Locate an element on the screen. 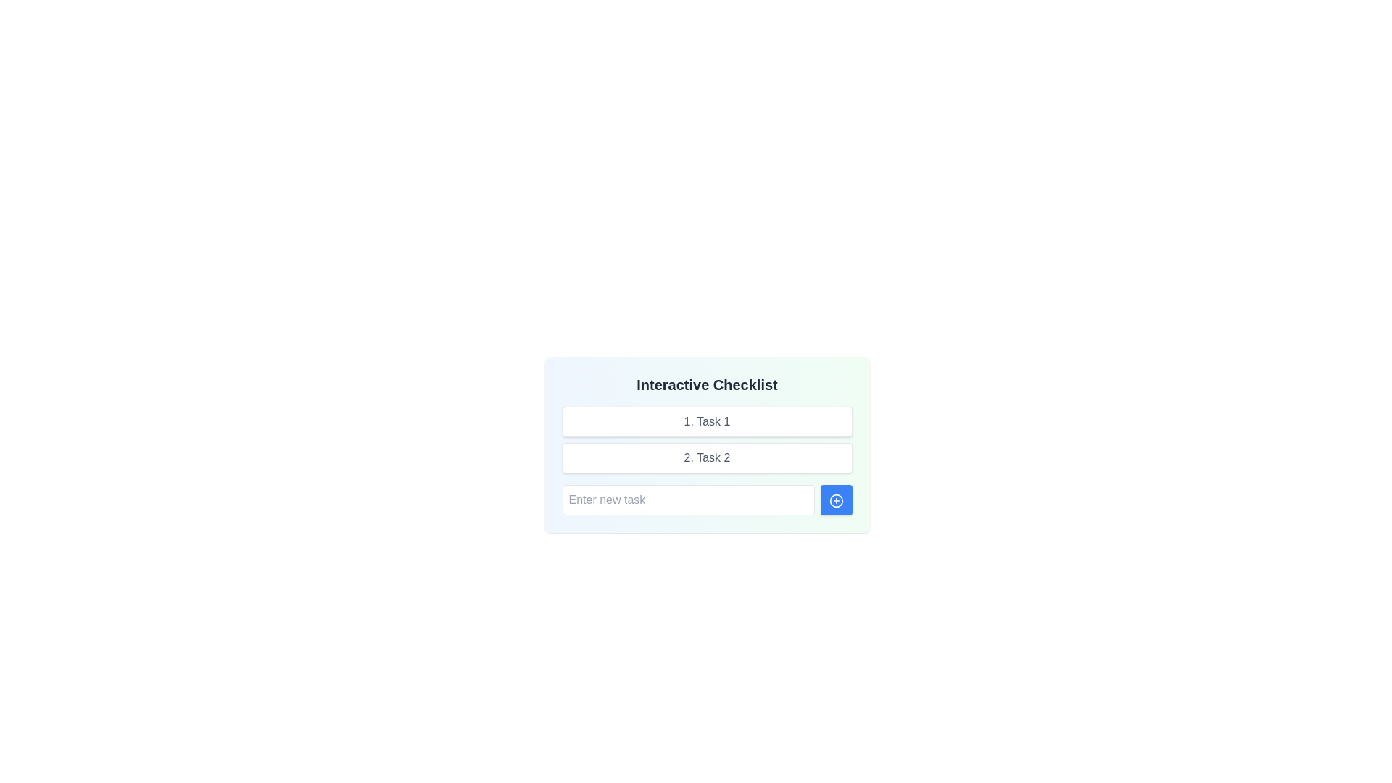 The image size is (1392, 783). the static text box labeled as the second item in the 'Interactive Checklist', positioned below '1. Task 1' is located at coordinates (707, 458).